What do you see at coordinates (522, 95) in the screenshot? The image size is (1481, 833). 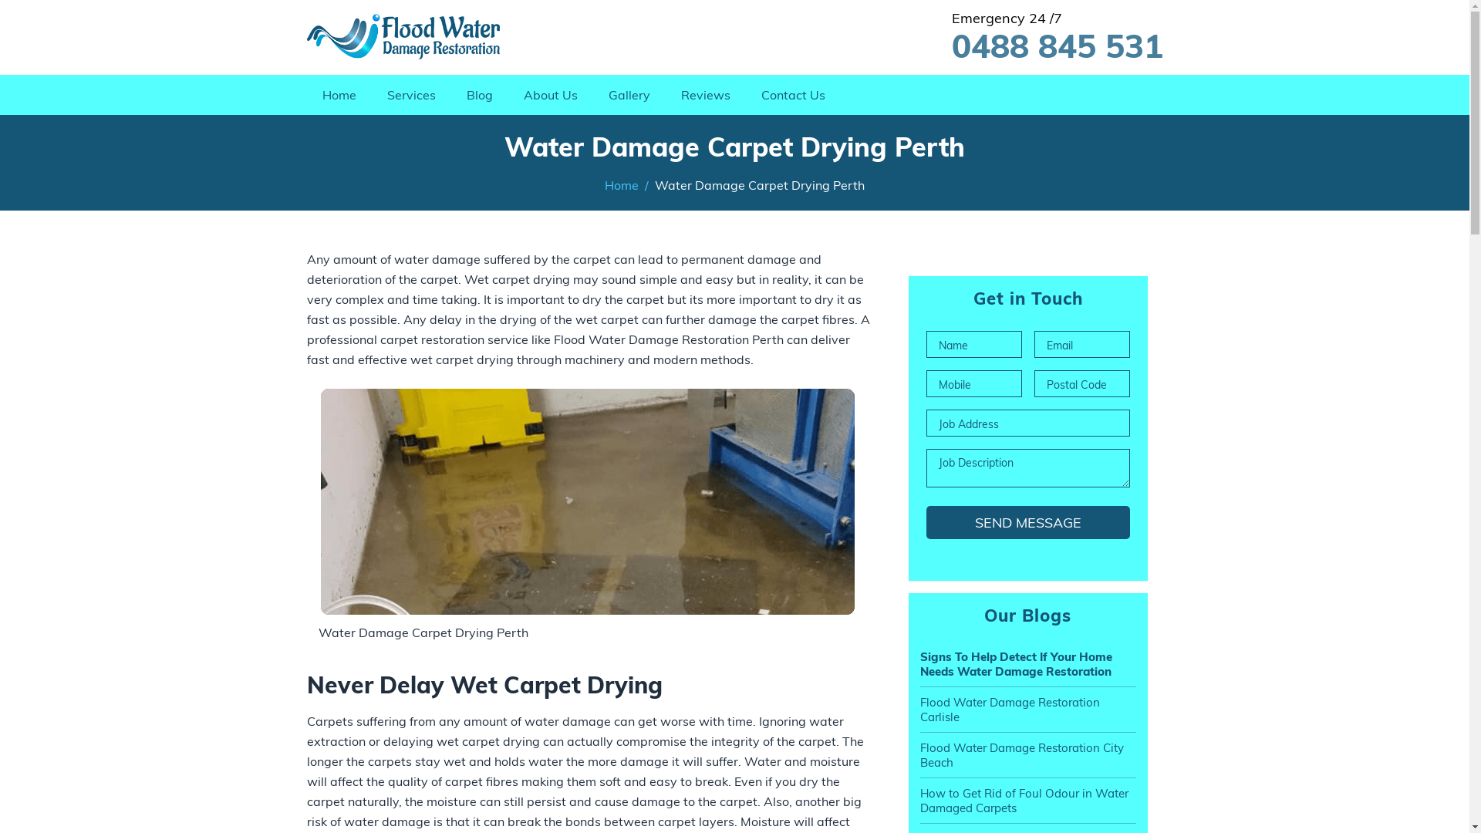 I see `'About Us'` at bounding box center [522, 95].